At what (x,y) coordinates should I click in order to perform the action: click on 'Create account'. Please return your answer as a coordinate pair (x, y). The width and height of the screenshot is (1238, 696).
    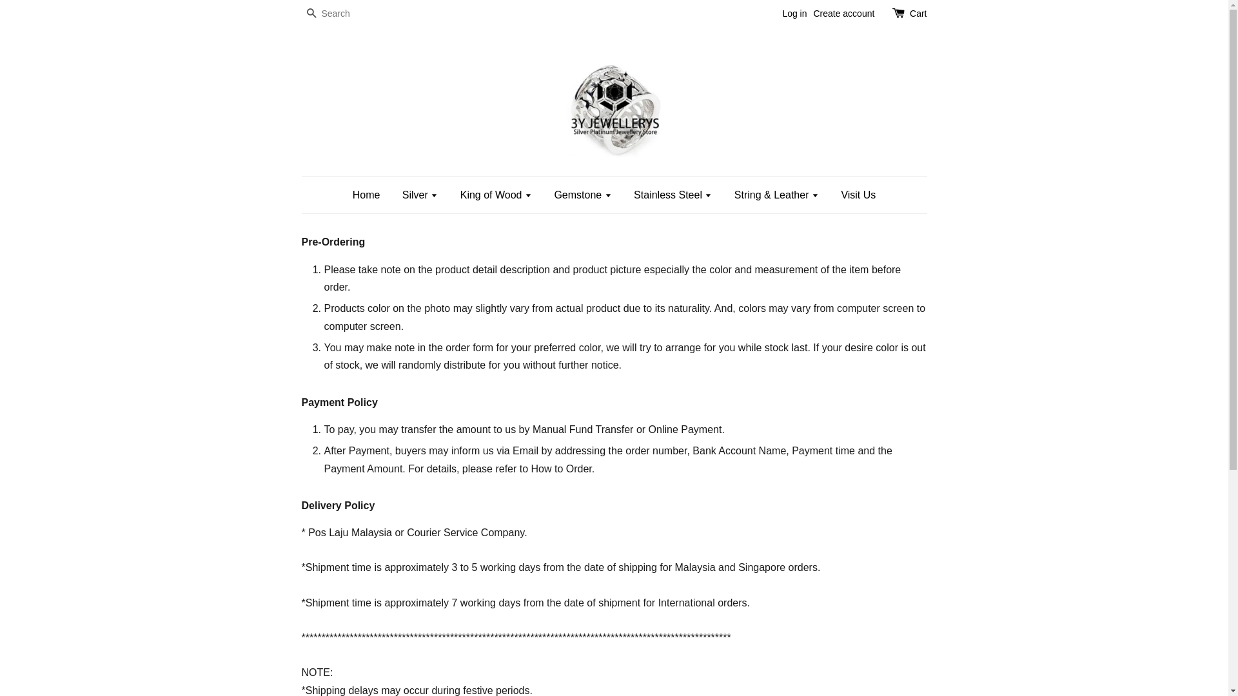
    Looking at the image, I should click on (843, 13).